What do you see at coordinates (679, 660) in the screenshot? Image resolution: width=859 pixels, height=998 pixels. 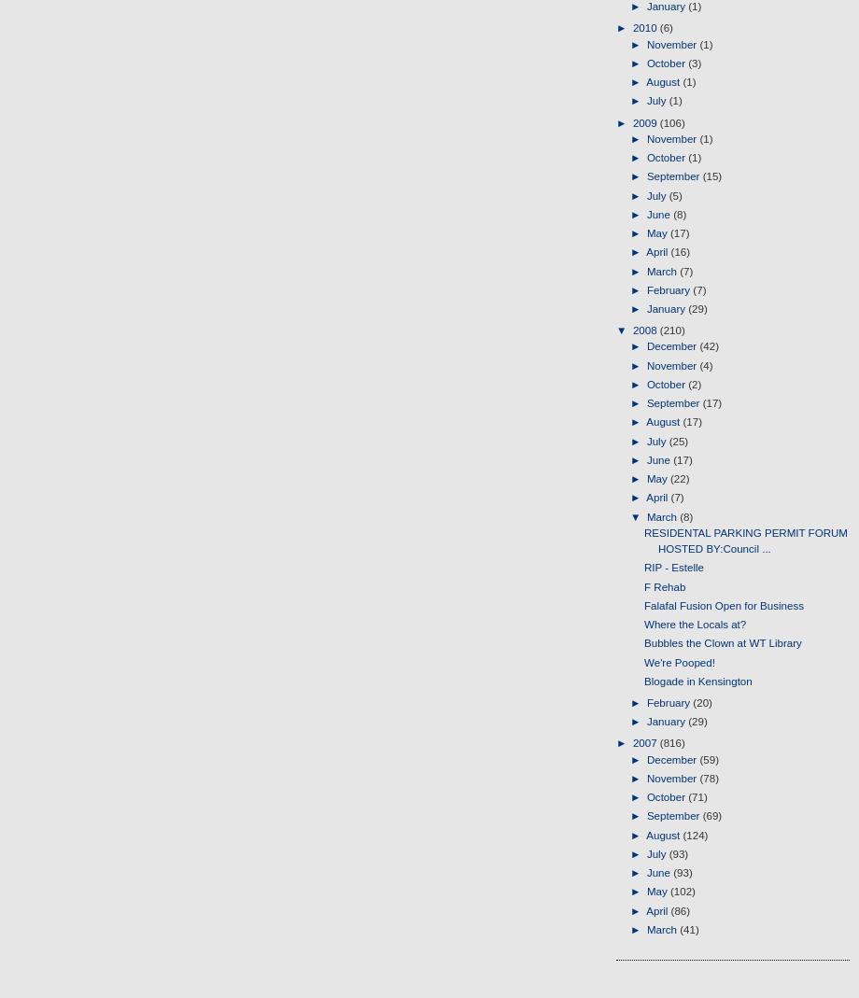 I see `'We're Pooped!'` at bounding box center [679, 660].